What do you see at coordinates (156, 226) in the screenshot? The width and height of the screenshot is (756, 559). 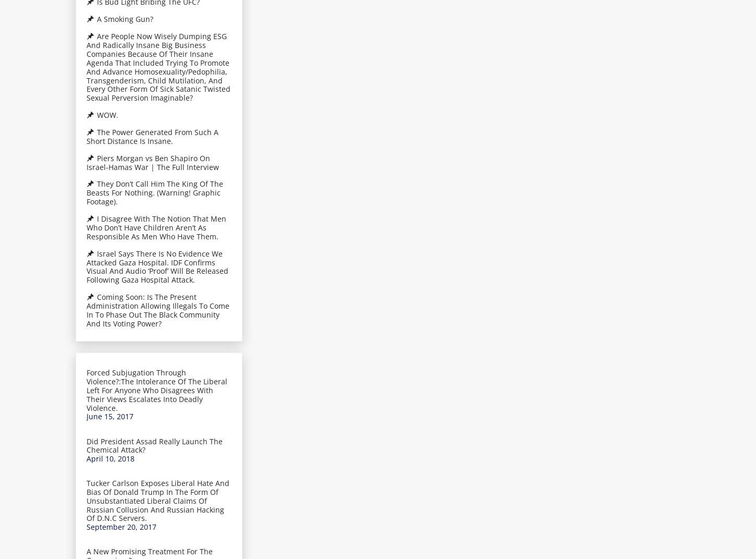 I see `'I Disagree With The Notion That Men Who Don’t Have Children Aren’t As Responsible As Men Who Have Them.'` at bounding box center [156, 226].